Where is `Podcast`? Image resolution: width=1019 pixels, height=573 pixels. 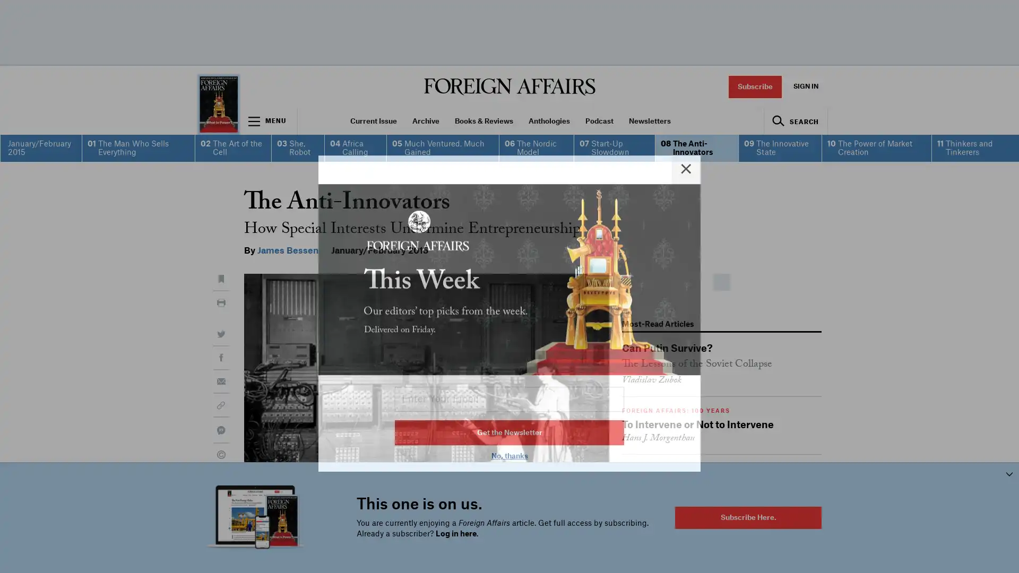
Podcast is located at coordinates (599, 120).